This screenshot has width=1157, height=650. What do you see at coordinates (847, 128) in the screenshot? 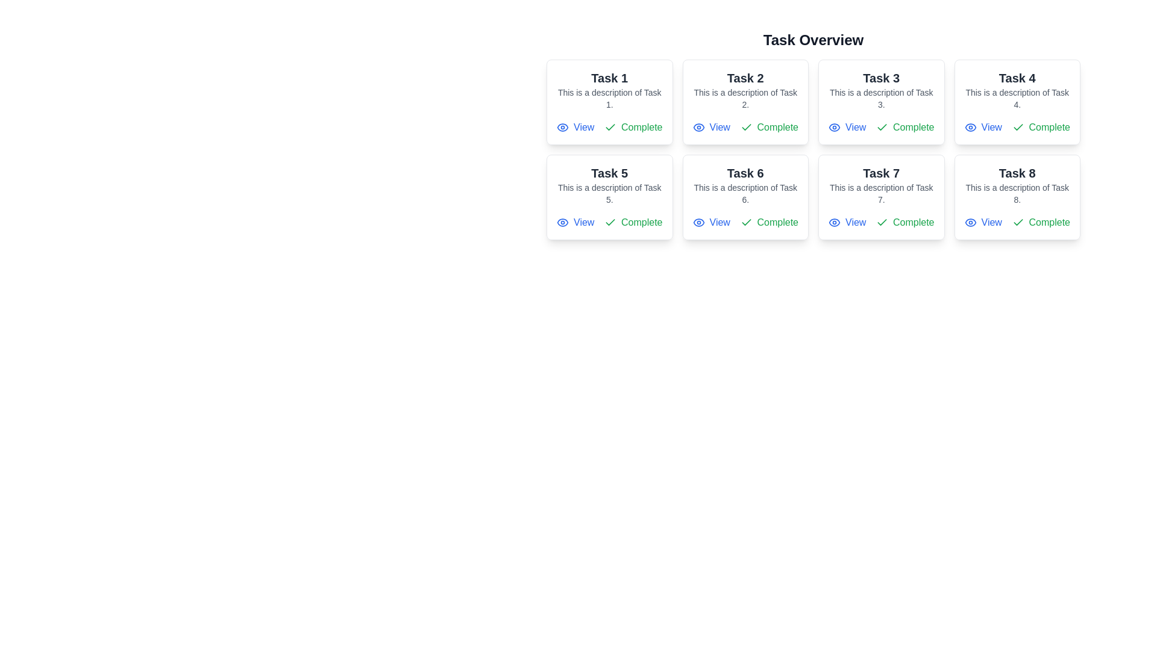
I see `the button that allows the user` at bounding box center [847, 128].